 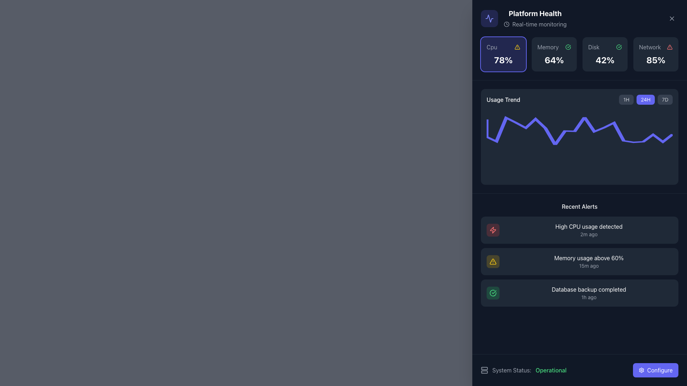 What do you see at coordinates (511, 370) in the screenshot?
I see `the text label reading 'System Status:' styled in gray, located near the bottom-right area of the interface, adjacent to the 'Operational' text` at bounding box center [511, 370].